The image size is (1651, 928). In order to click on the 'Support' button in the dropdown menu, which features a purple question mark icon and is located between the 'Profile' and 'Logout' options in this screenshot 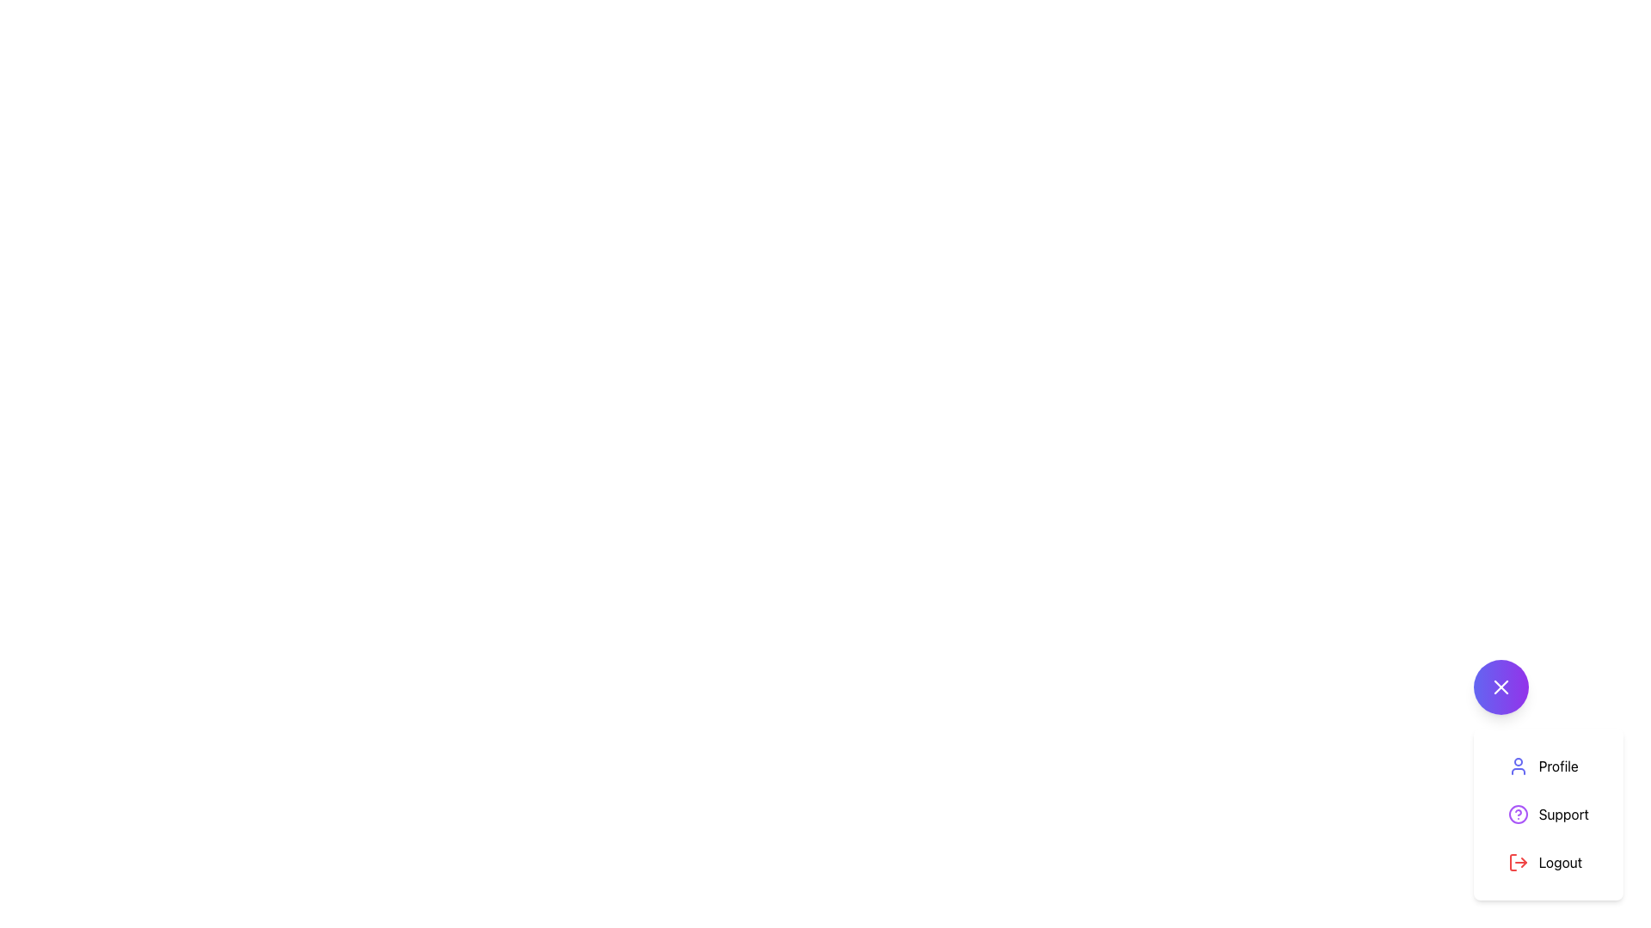, I will do `click(1548, 814)`.